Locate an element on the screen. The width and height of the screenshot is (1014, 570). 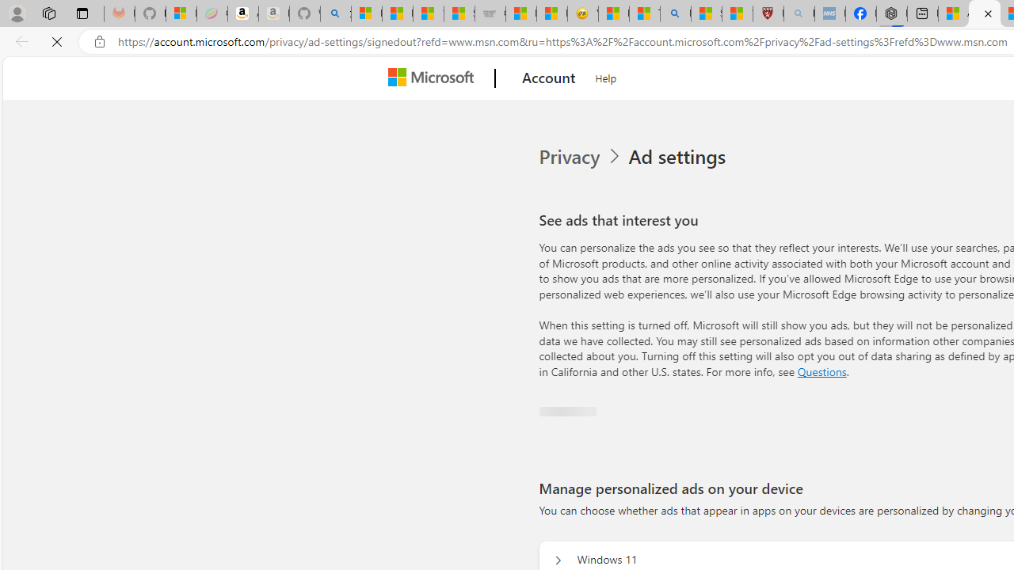
'Ad settings' is located at coordinates (676, 157).